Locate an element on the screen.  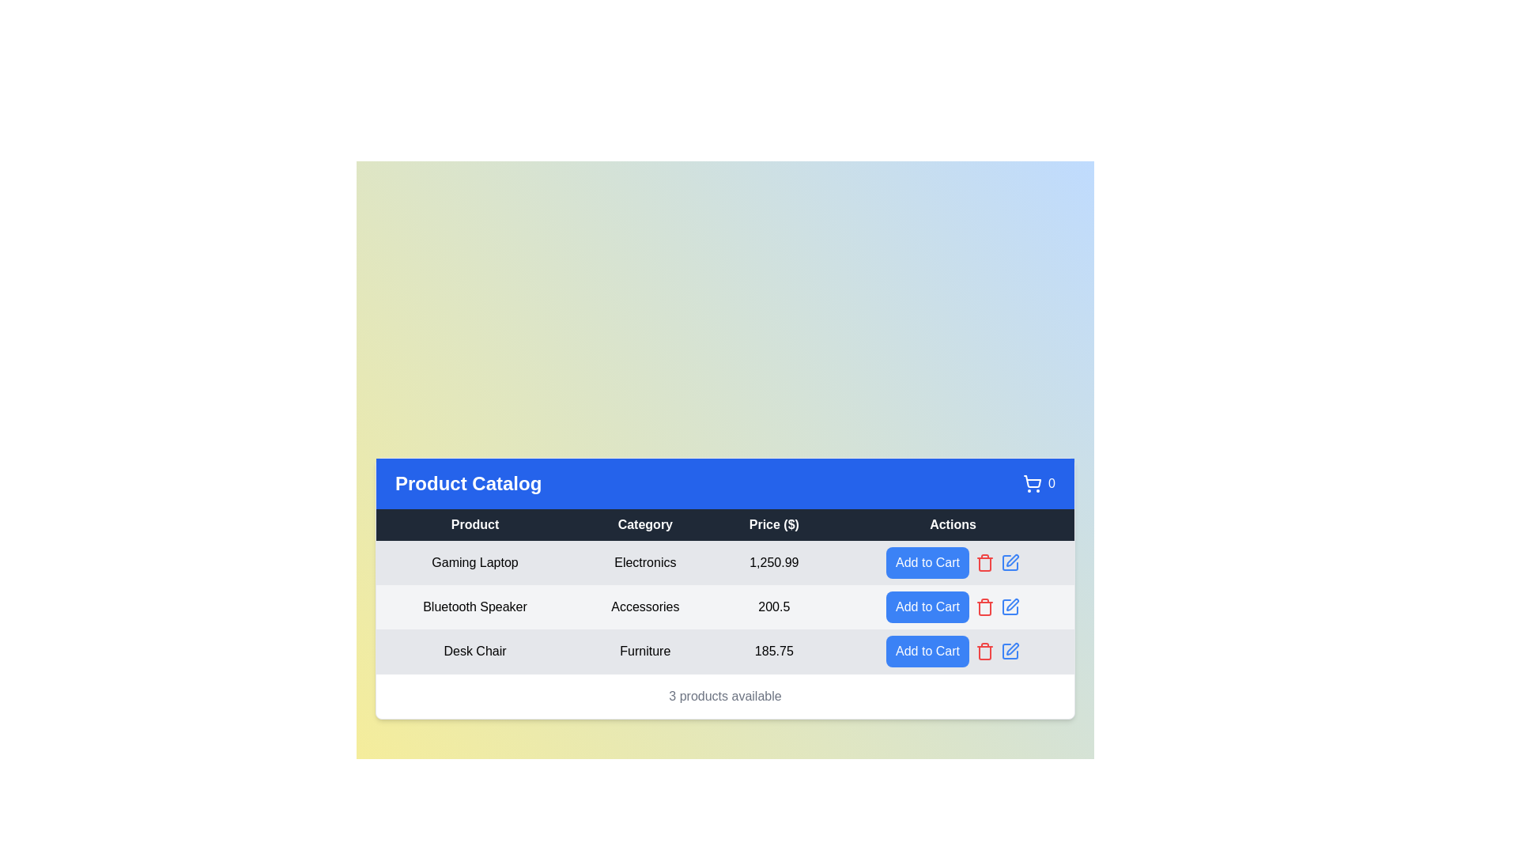
the red trashcan icon in the 'Actions' column is located at coordinates (984, 561).